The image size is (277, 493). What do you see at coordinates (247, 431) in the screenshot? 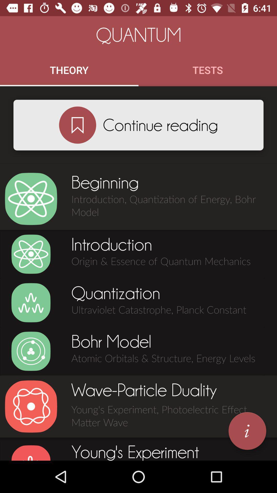
I see `icon to the right of young's experiment item` at bounding box center [247, 431].